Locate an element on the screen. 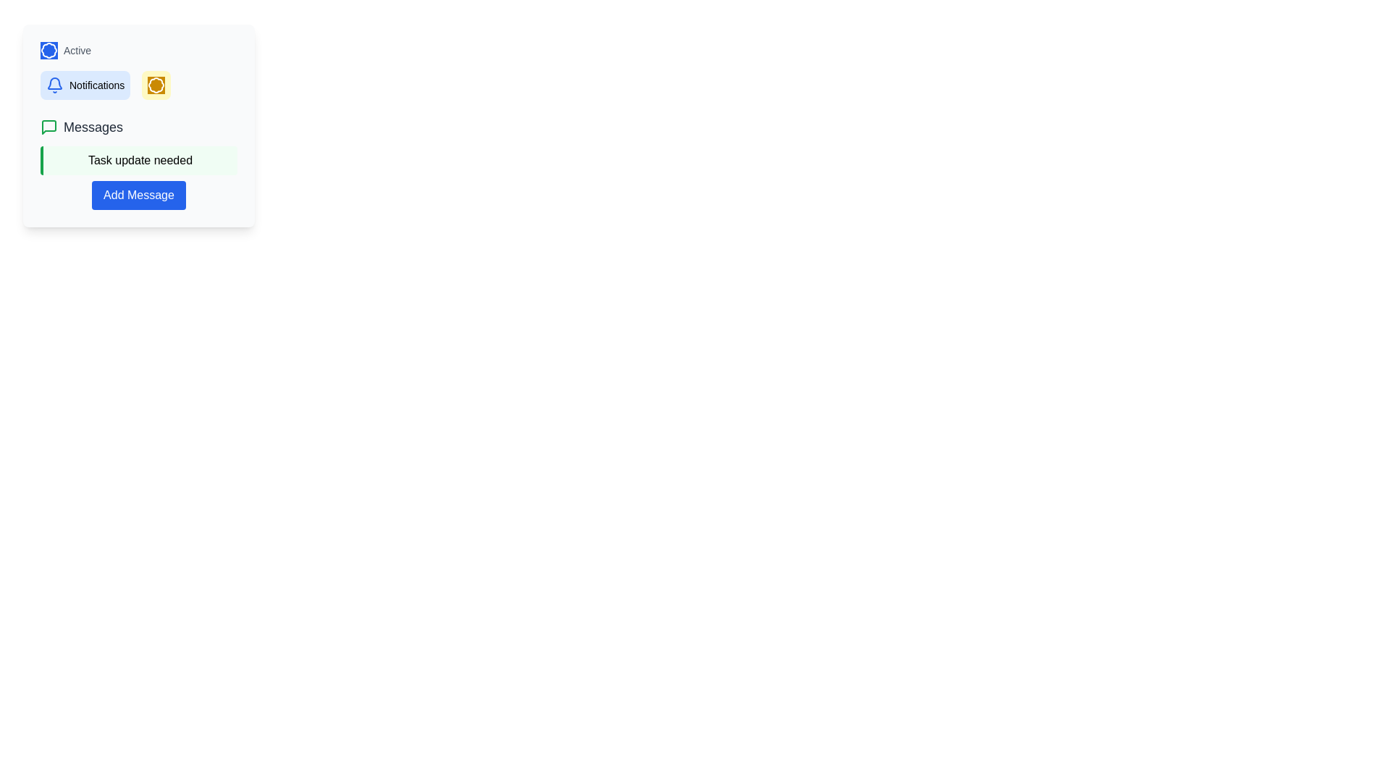 This screenshot has width=1390, height=782. the Status Badge, which is a square badge with a yellow background and a flower-like icon, located to the right of the 'Notifications' text is located at coordinates (156, 85).